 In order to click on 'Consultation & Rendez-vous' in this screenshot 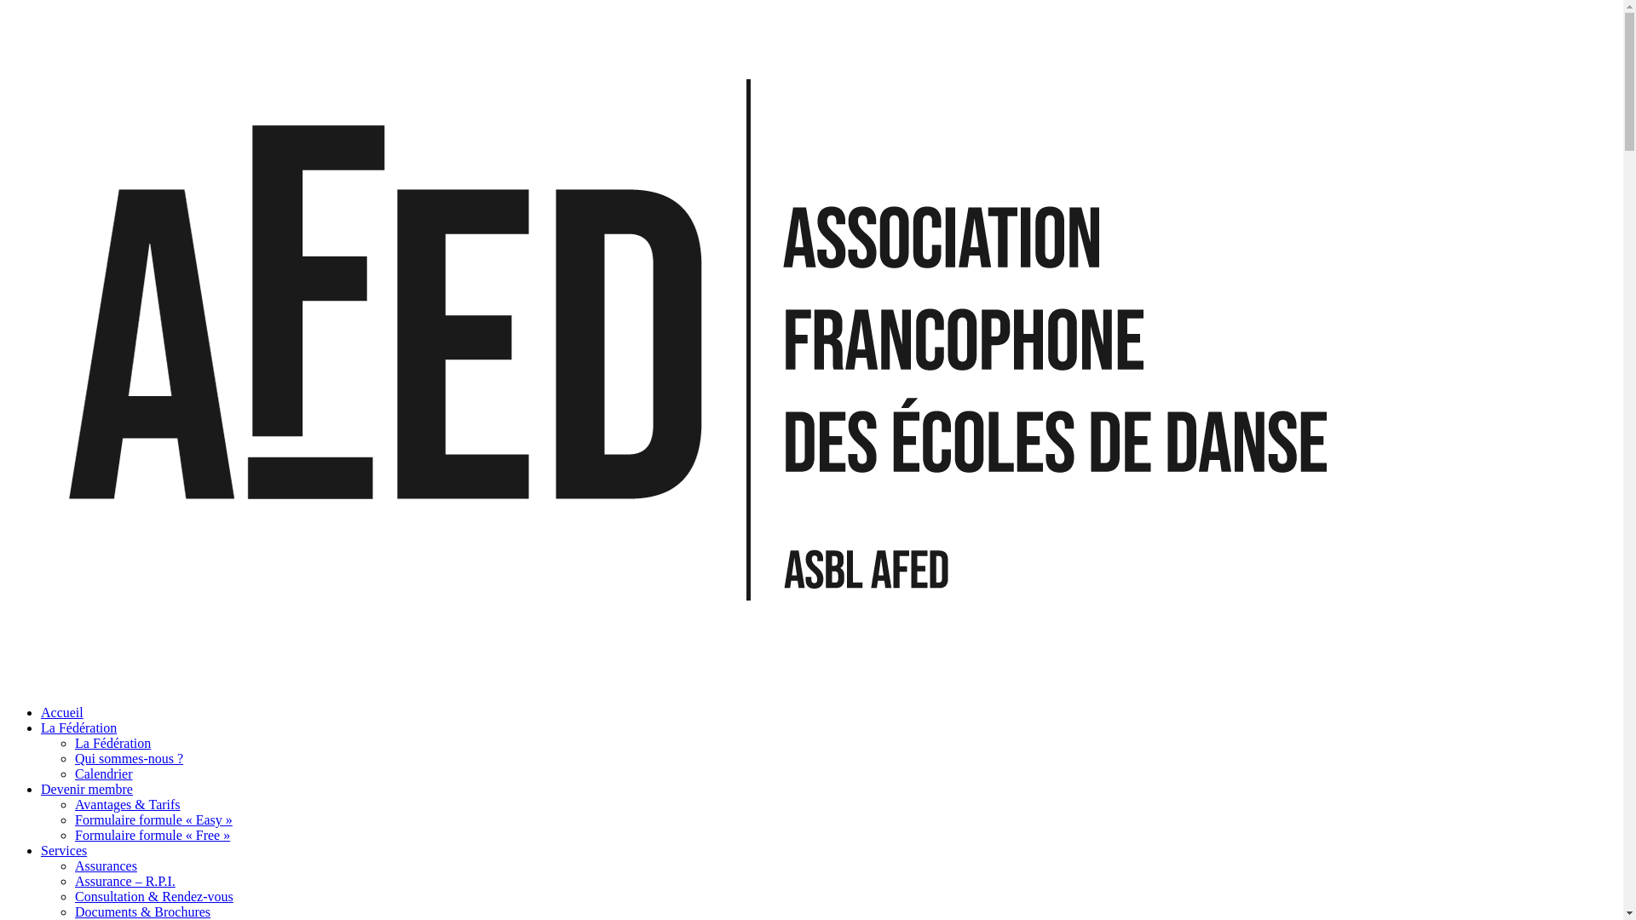, I will do `click(154, 895)`.